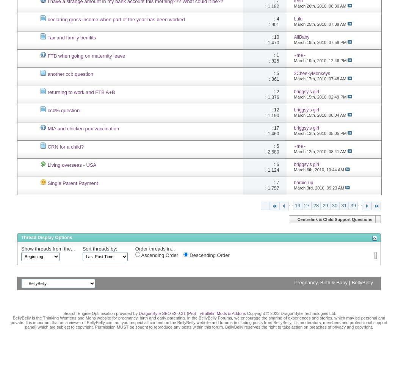 The width and height of the screenshot is (398, 379). Describe the element at coordinates (198, 322) in the screenshot. I see `'BellyBelly is the Thinking Womens and Mens website for pregnancy, birth and early parenting. In the BellyBelly Forums, we encourage the sharing of experiences and stories, which may be personal and private. It is important that as a viewer of BellyBelly.com.au, you respect all content on the BellyBelly website and forums (including posts from BellyBelly, it's moderators, members and professional support panel) which are subject to copyright. Permission MUST be sought to reproduce any posts within this forum. BellyBelly reserves the right to take action on breaches of privacy and copyright.'` at that location.